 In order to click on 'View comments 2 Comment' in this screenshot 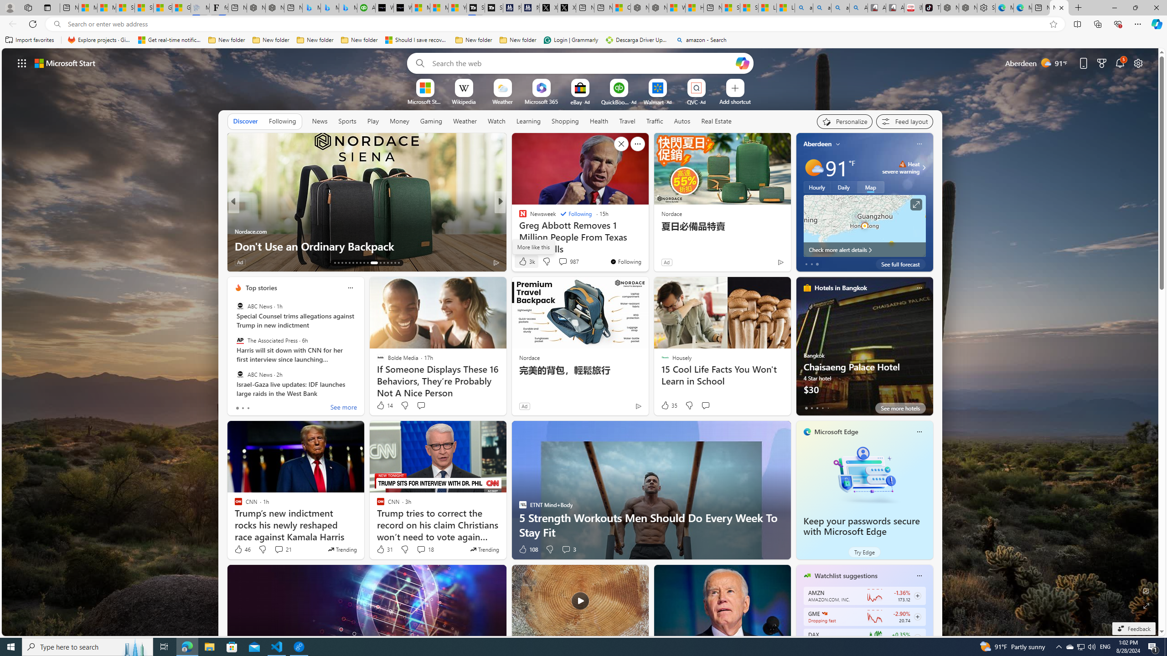, I will do `click(559, 261)`.